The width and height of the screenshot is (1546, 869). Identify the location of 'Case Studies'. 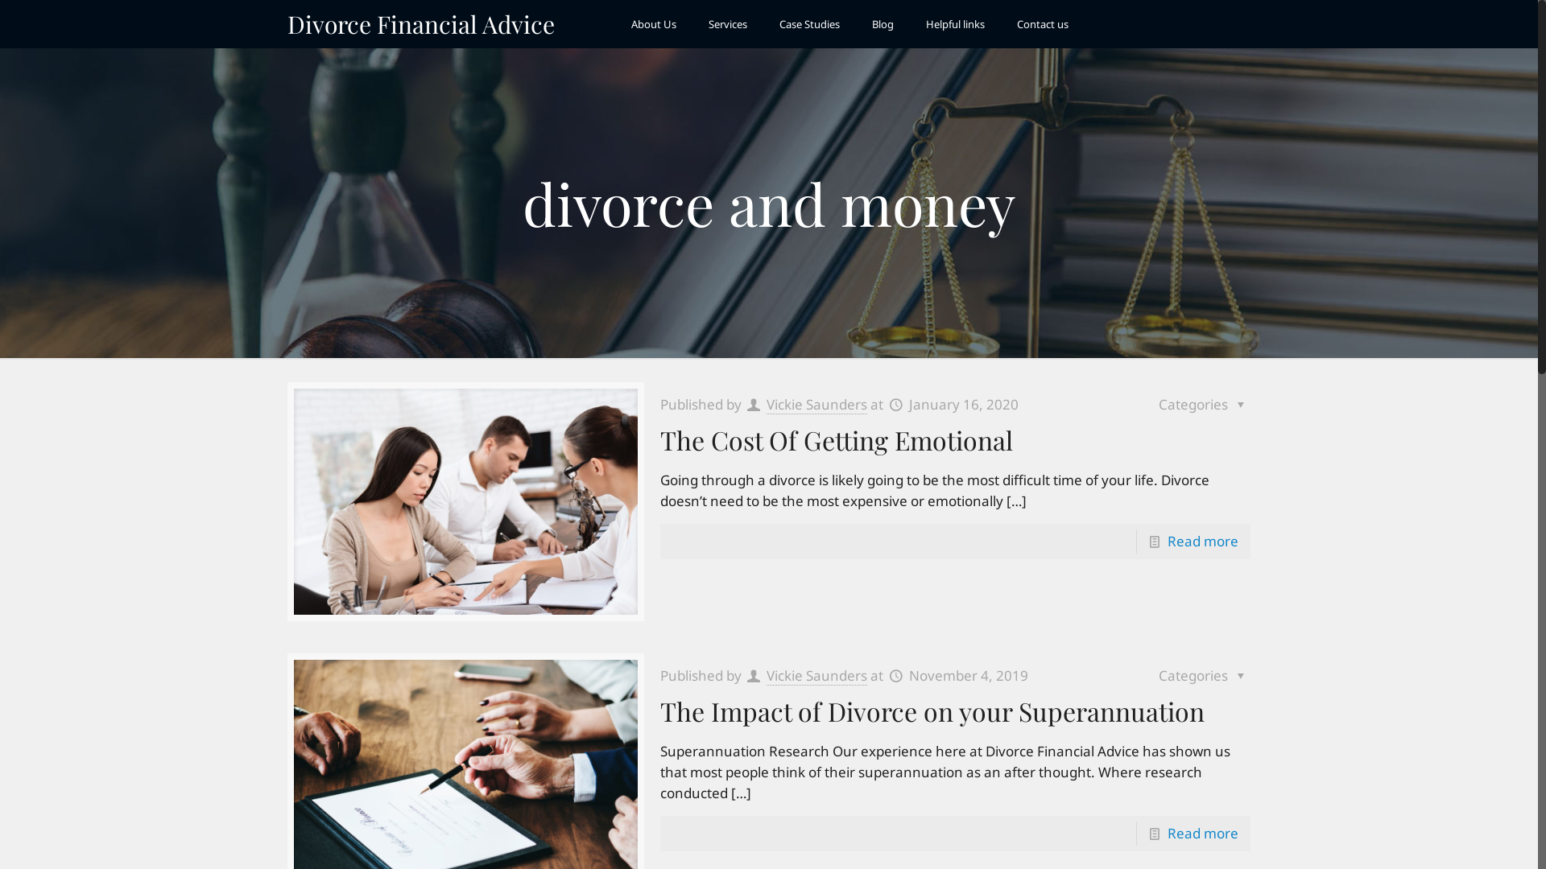
(809, 24).